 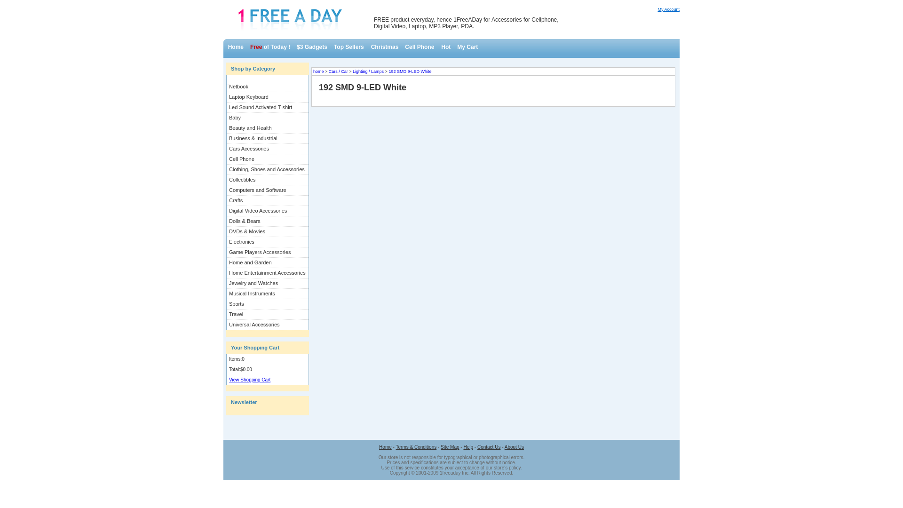 What do you see at coordinates (229, 293) in the screenshot?
I see `'Musical Instruments'` at bounding box center [229, 293].